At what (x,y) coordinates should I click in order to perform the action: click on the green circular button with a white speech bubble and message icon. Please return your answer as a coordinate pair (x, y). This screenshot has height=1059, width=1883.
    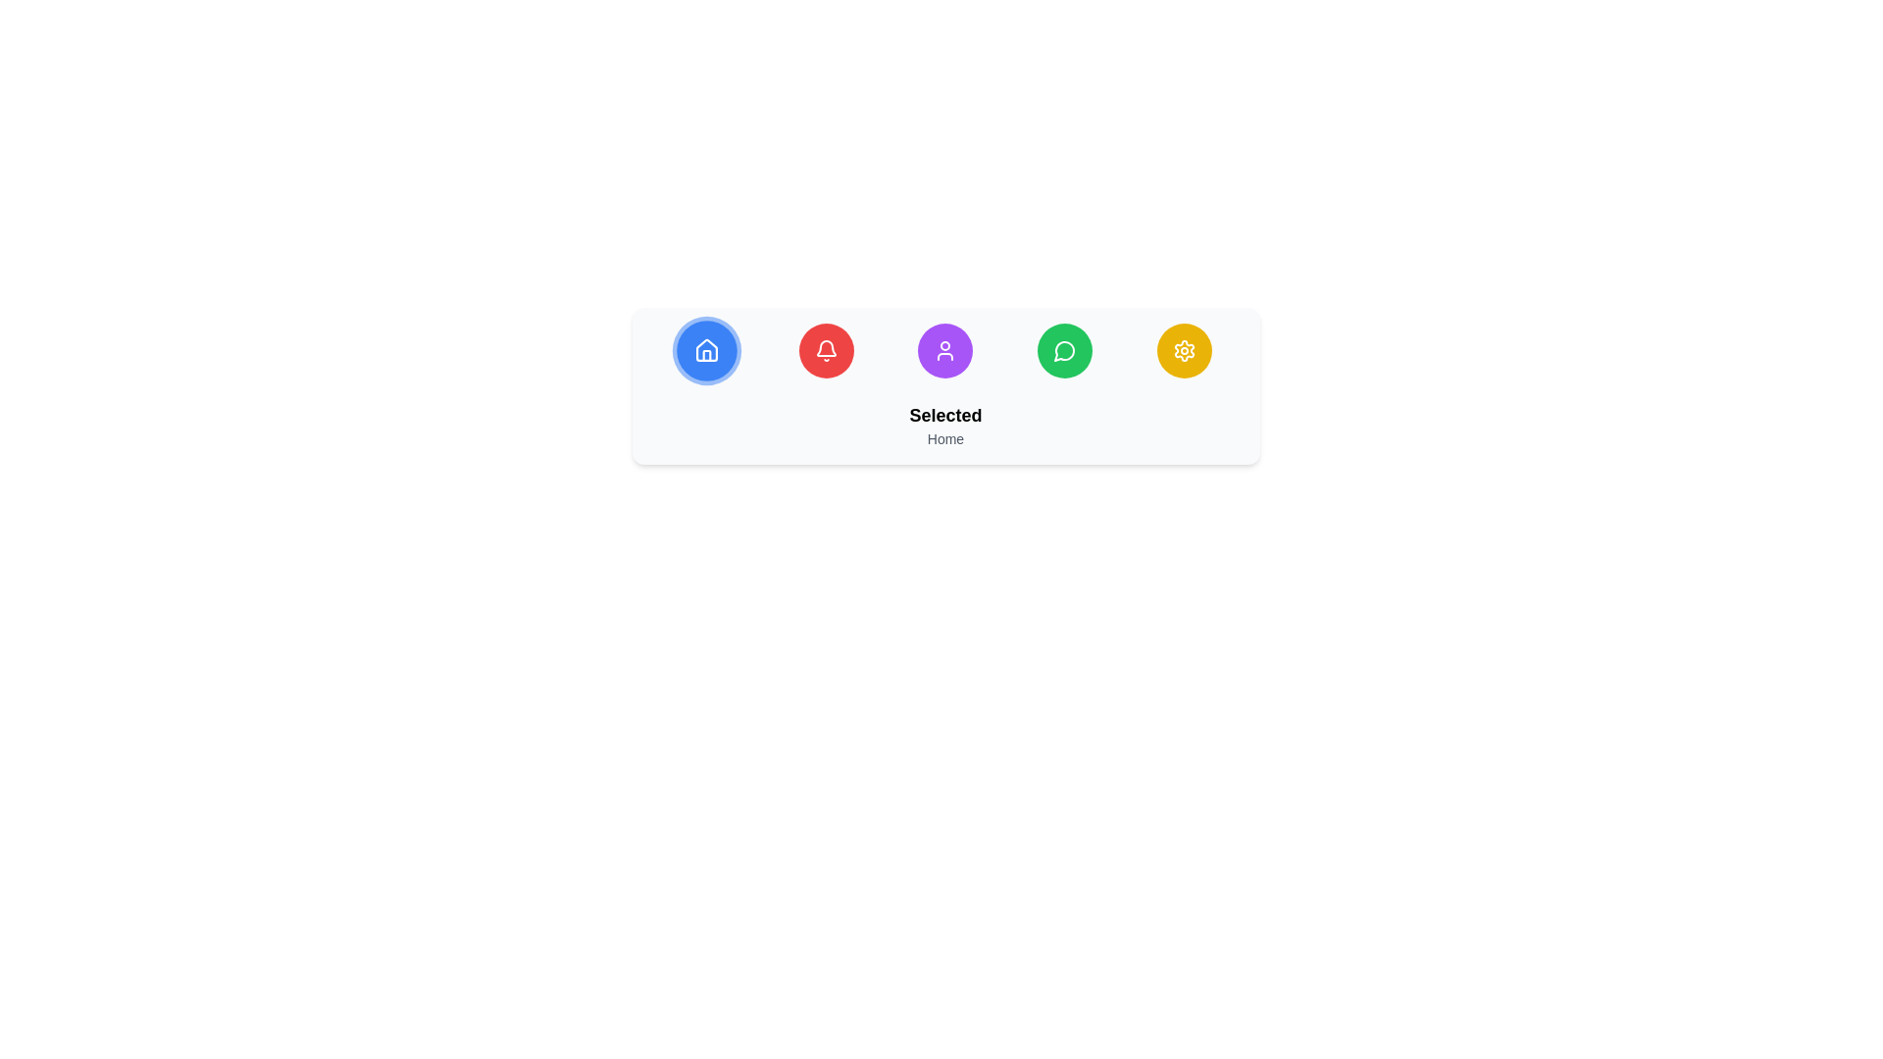
    Looking at the image, I should click on (1064, 350).